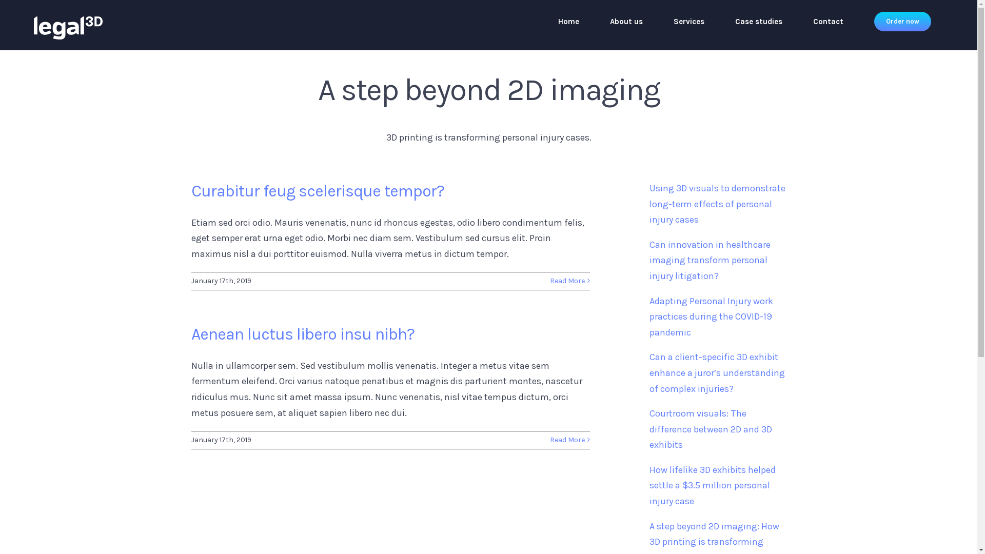 Image resolution: width=985 pixels, height=554 pixels. Describe the element at coordinates (674, 22) in the screenshot. I see `'Services'` at that location.